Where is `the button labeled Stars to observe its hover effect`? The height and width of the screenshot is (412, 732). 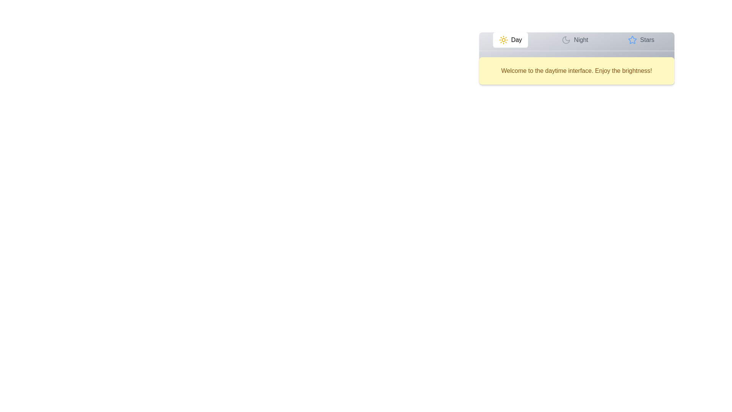
the button labeled Stars to observe its hover effect is located at coordinates (640, 40).